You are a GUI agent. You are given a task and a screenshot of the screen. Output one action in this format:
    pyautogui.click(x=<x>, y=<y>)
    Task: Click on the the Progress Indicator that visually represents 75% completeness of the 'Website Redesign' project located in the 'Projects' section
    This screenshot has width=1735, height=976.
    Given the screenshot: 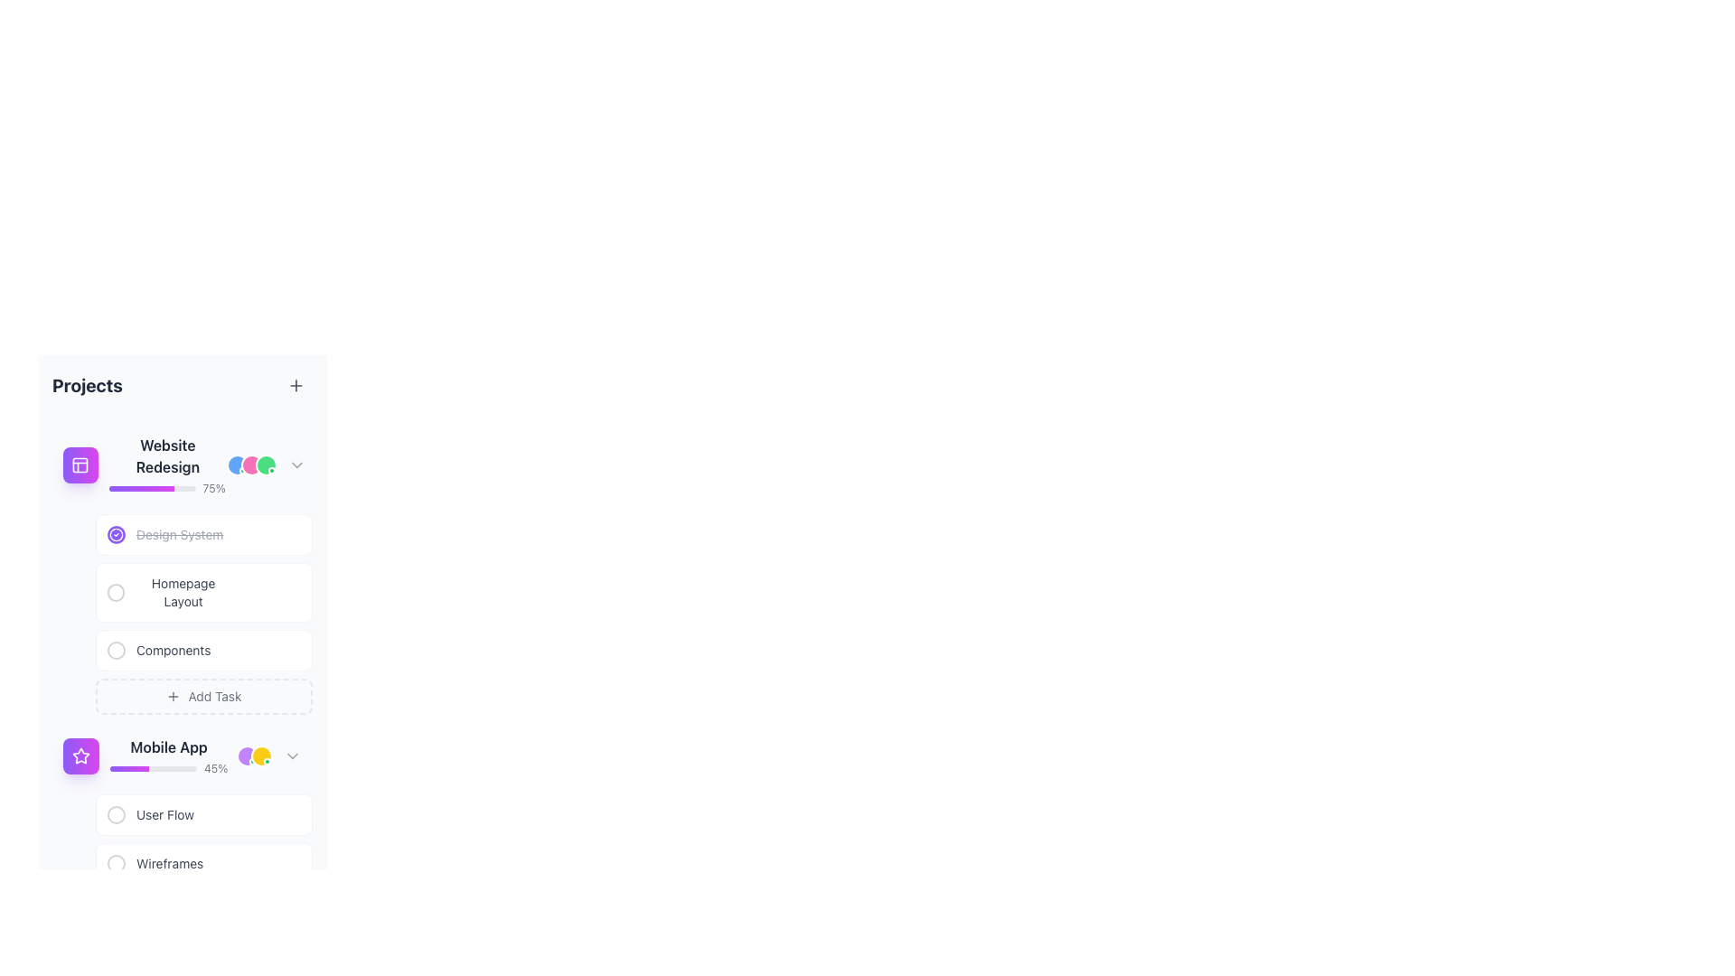 What is the action you would take?
    pyautogui.click(x=140, y=488)
    